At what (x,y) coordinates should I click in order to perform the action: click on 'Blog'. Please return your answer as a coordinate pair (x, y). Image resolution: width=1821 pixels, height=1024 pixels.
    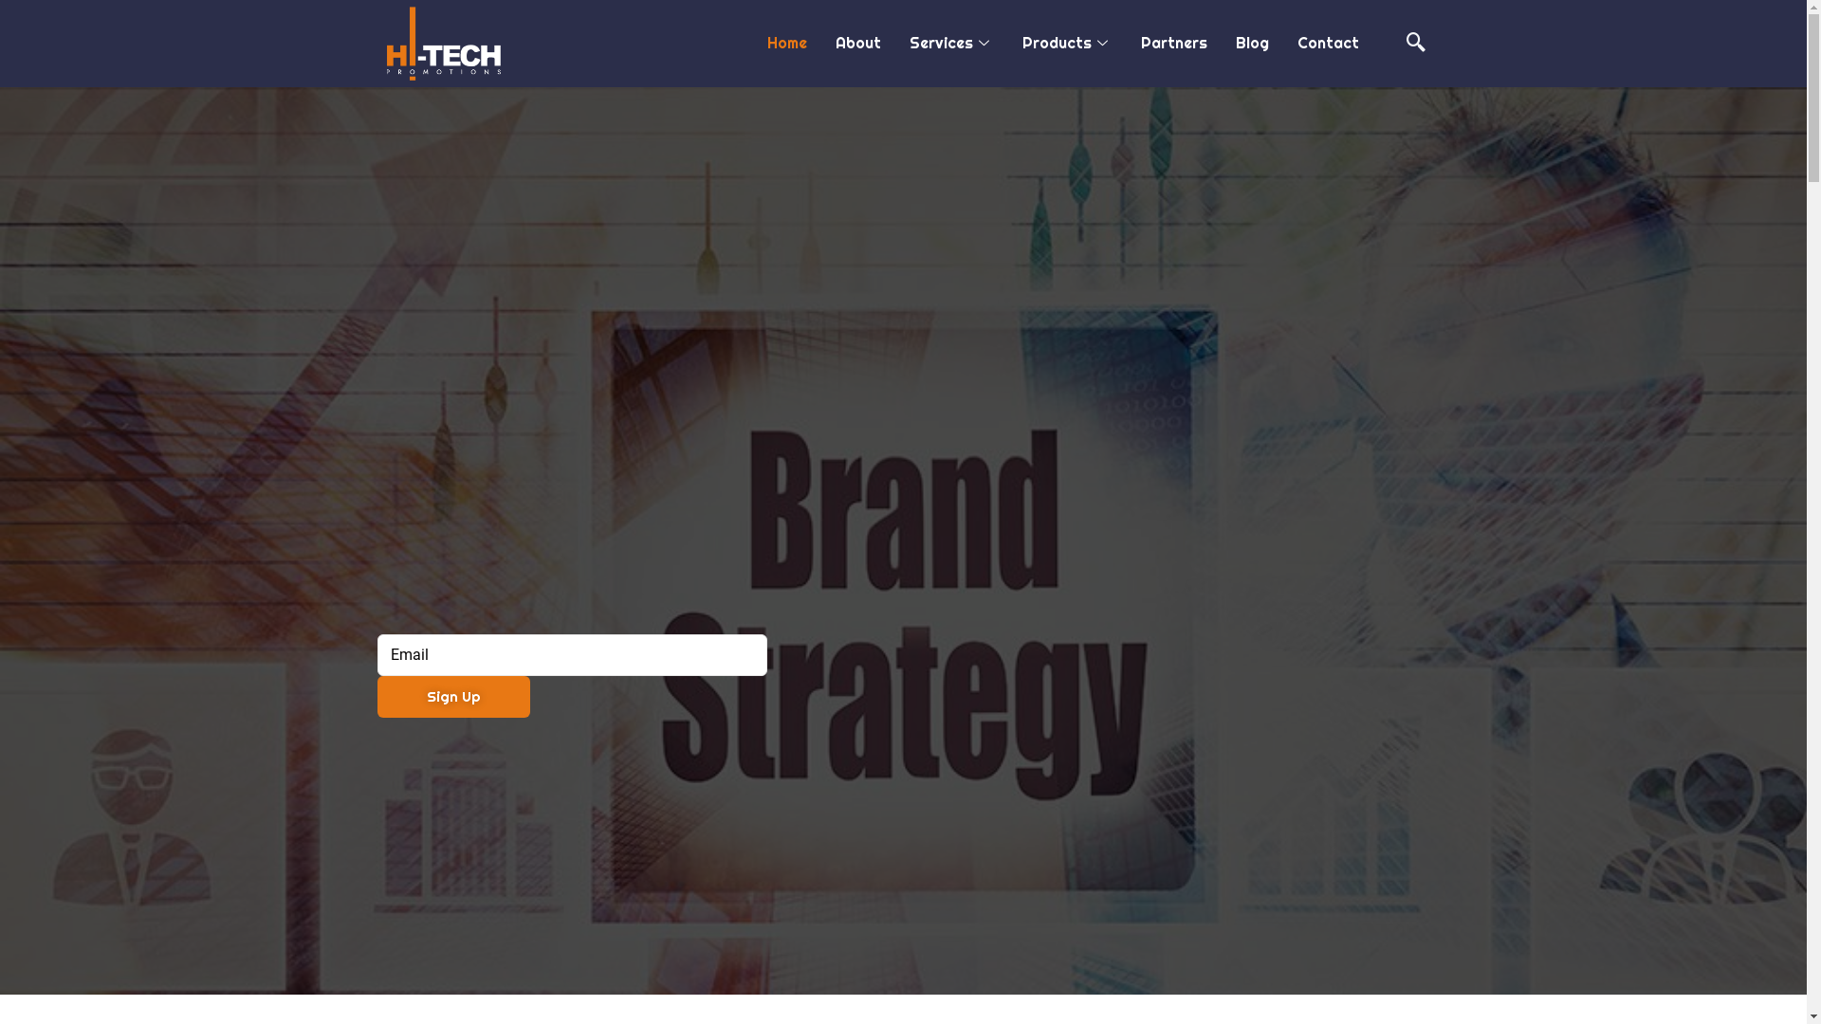
    Looking at the image, I should click on (1221, 43).